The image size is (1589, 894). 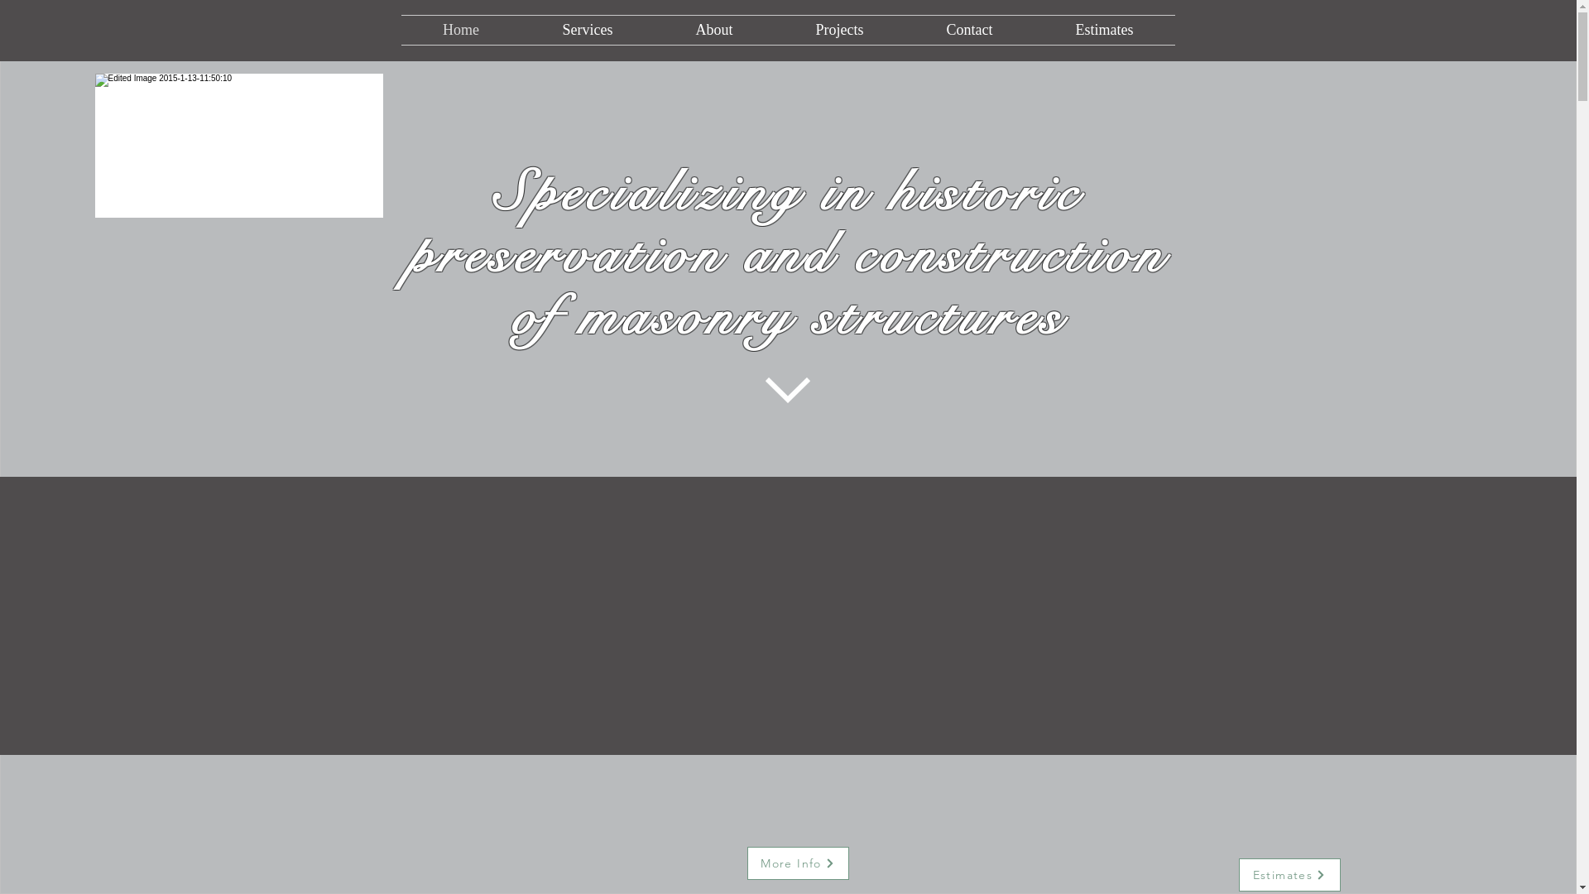 What do you see at coordinates (713, 30) in the screenshot?
I see `'About'` at bounding box center [713, 30].